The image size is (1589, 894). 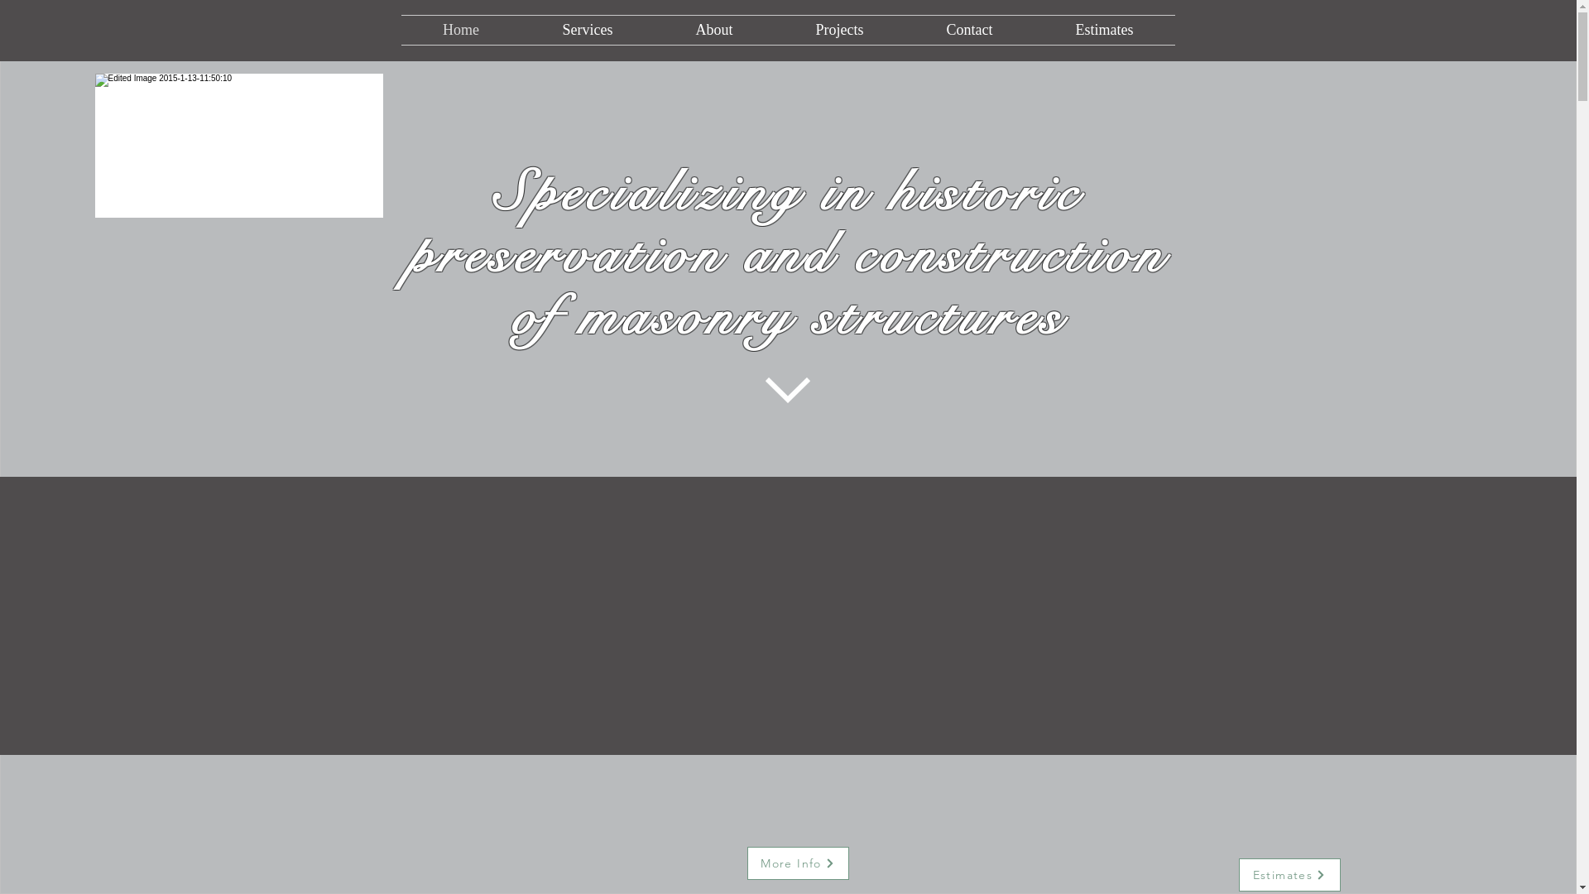 What do you see at coordinates (713, 30) in the screenshot?
I see `'About'` at bounding box center [713, 30].